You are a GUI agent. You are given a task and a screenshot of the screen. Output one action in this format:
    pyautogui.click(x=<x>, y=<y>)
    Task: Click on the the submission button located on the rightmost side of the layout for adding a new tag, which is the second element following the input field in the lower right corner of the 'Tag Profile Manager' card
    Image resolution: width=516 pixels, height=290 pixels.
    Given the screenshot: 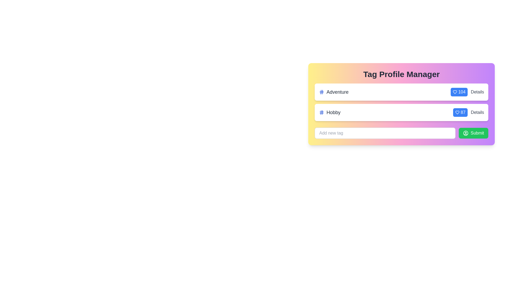 What is the action you would take?
    pyautogui.click(x=474, y=133)
    